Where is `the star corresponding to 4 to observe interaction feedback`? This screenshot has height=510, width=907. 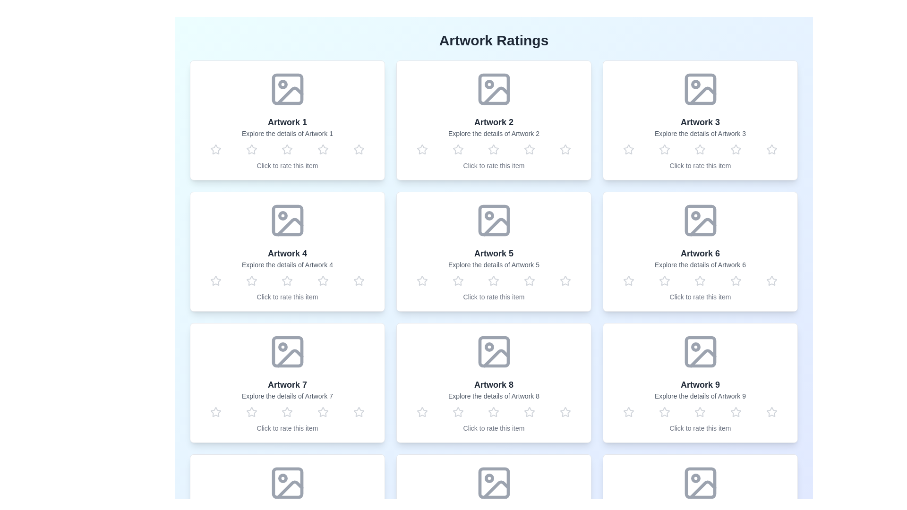 the star corresponding to 4 to observe interaction feedback is located at coordinates (323, 149).